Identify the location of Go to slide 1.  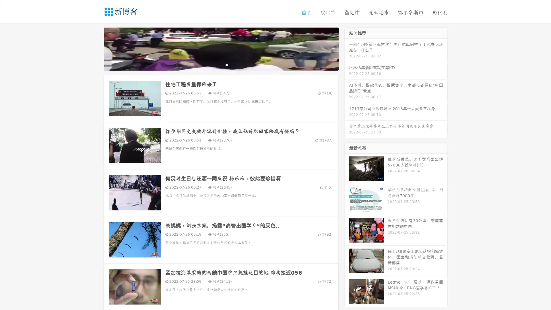
(215, 65).